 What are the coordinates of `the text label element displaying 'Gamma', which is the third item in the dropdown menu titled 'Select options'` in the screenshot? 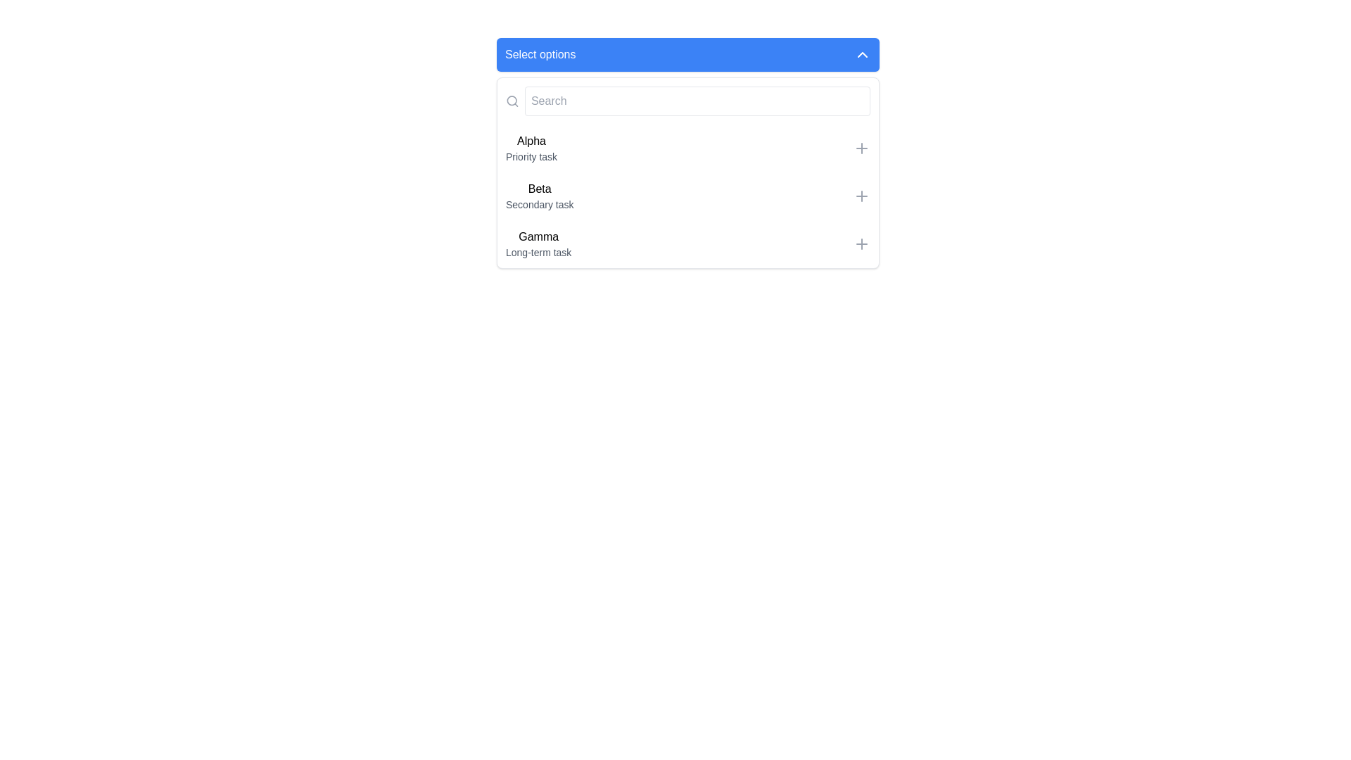 It's located at (538, 236).